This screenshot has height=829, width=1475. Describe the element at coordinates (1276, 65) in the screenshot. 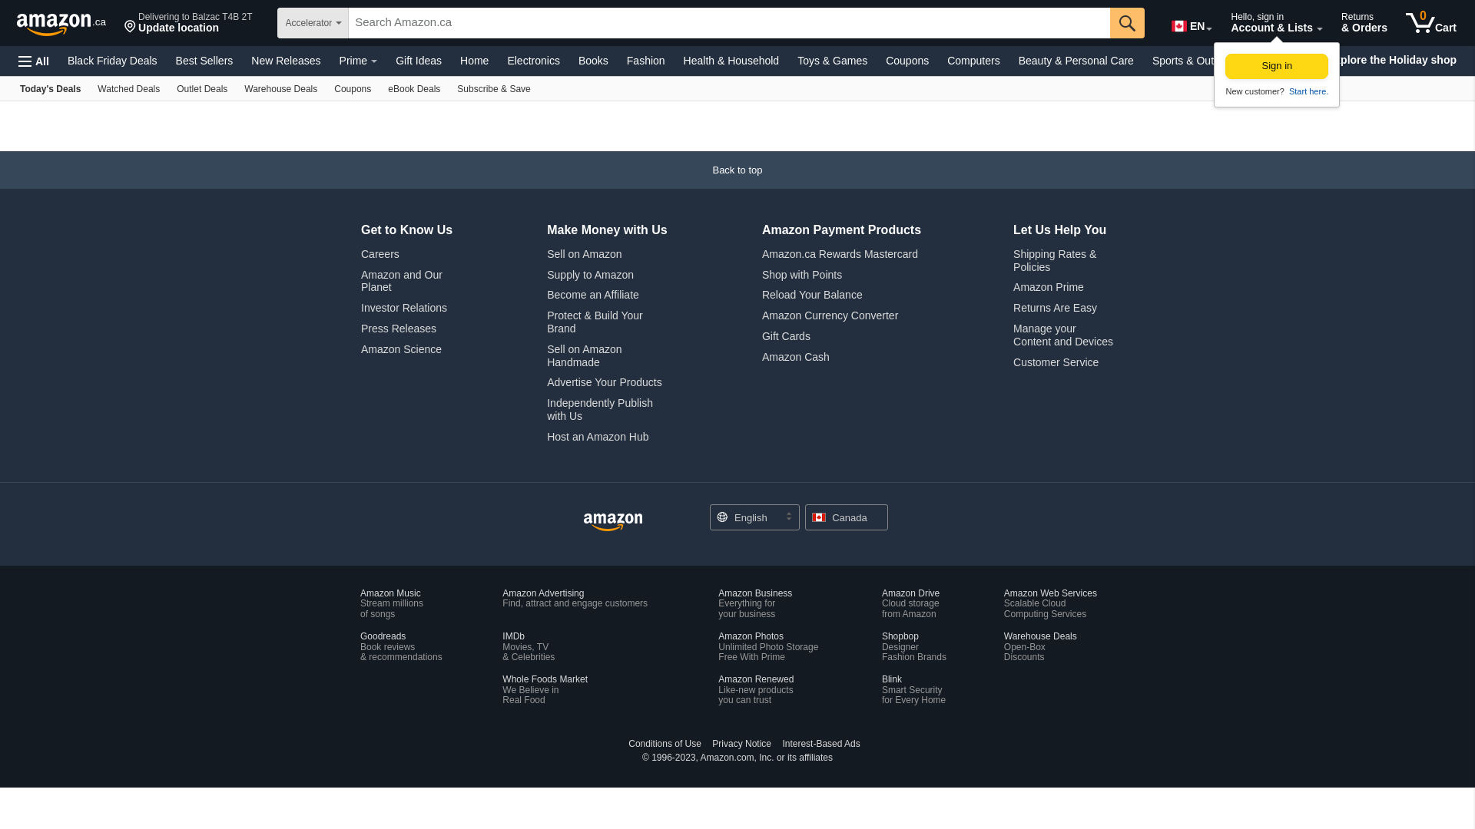

I see `'Sign in'` at that location.